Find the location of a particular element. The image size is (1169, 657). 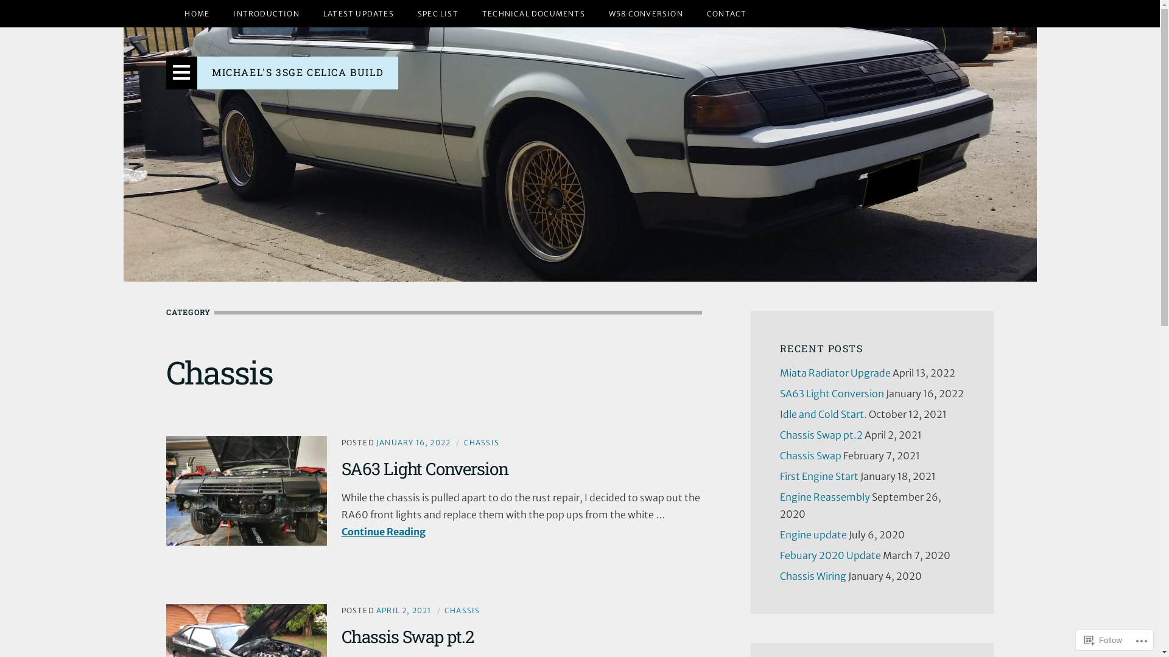

'Chassis Swap' is located at coordinates (779, 455).